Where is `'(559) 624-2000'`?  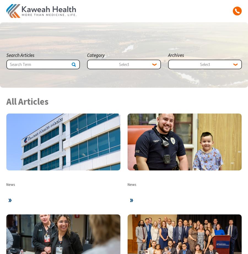
'(559) 624-2000' is located at coordinates (124, 223).